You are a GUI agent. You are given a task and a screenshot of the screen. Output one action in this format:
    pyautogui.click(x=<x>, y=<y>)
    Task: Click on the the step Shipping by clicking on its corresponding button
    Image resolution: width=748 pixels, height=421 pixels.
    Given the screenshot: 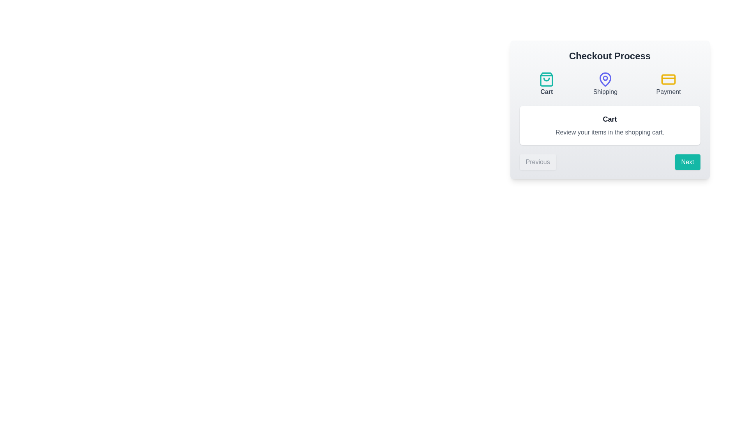 What is the action you would take?
    pyautogui.click(x=605, y=84)
    